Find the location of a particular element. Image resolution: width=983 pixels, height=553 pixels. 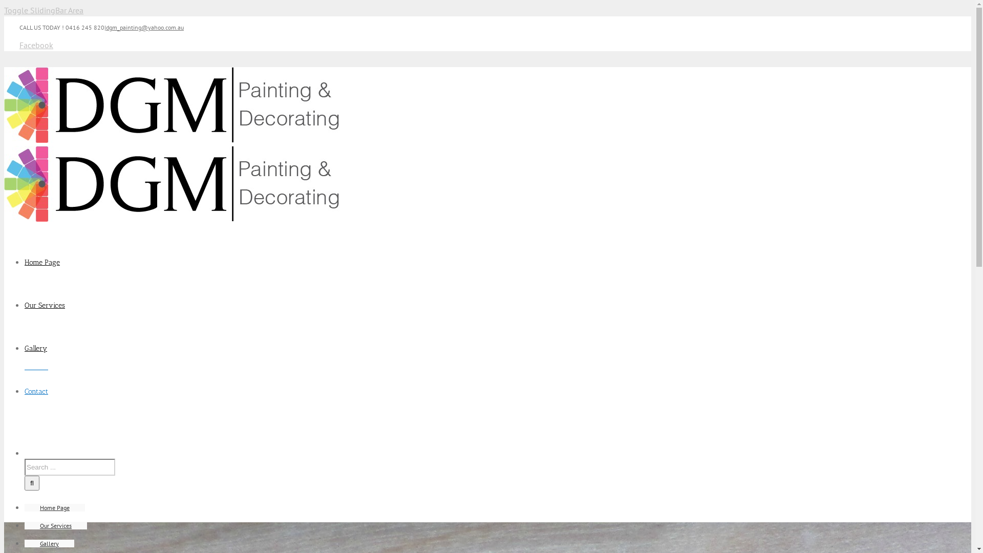

'Facebook' is located at coordinates (36, 45).